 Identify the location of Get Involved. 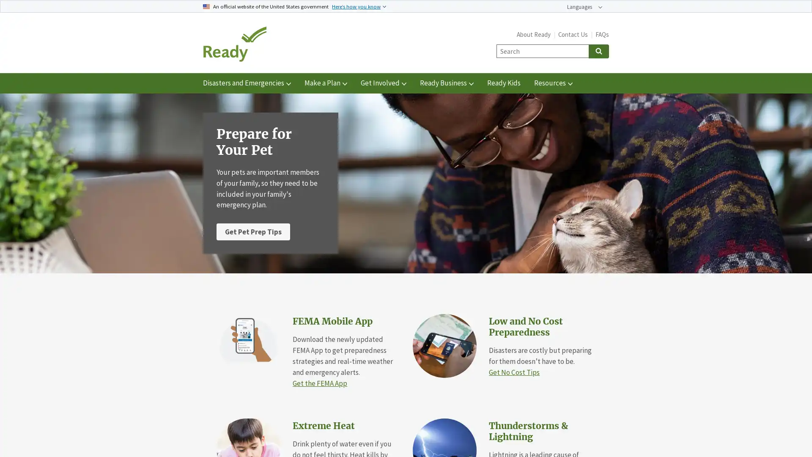
(383, 83).